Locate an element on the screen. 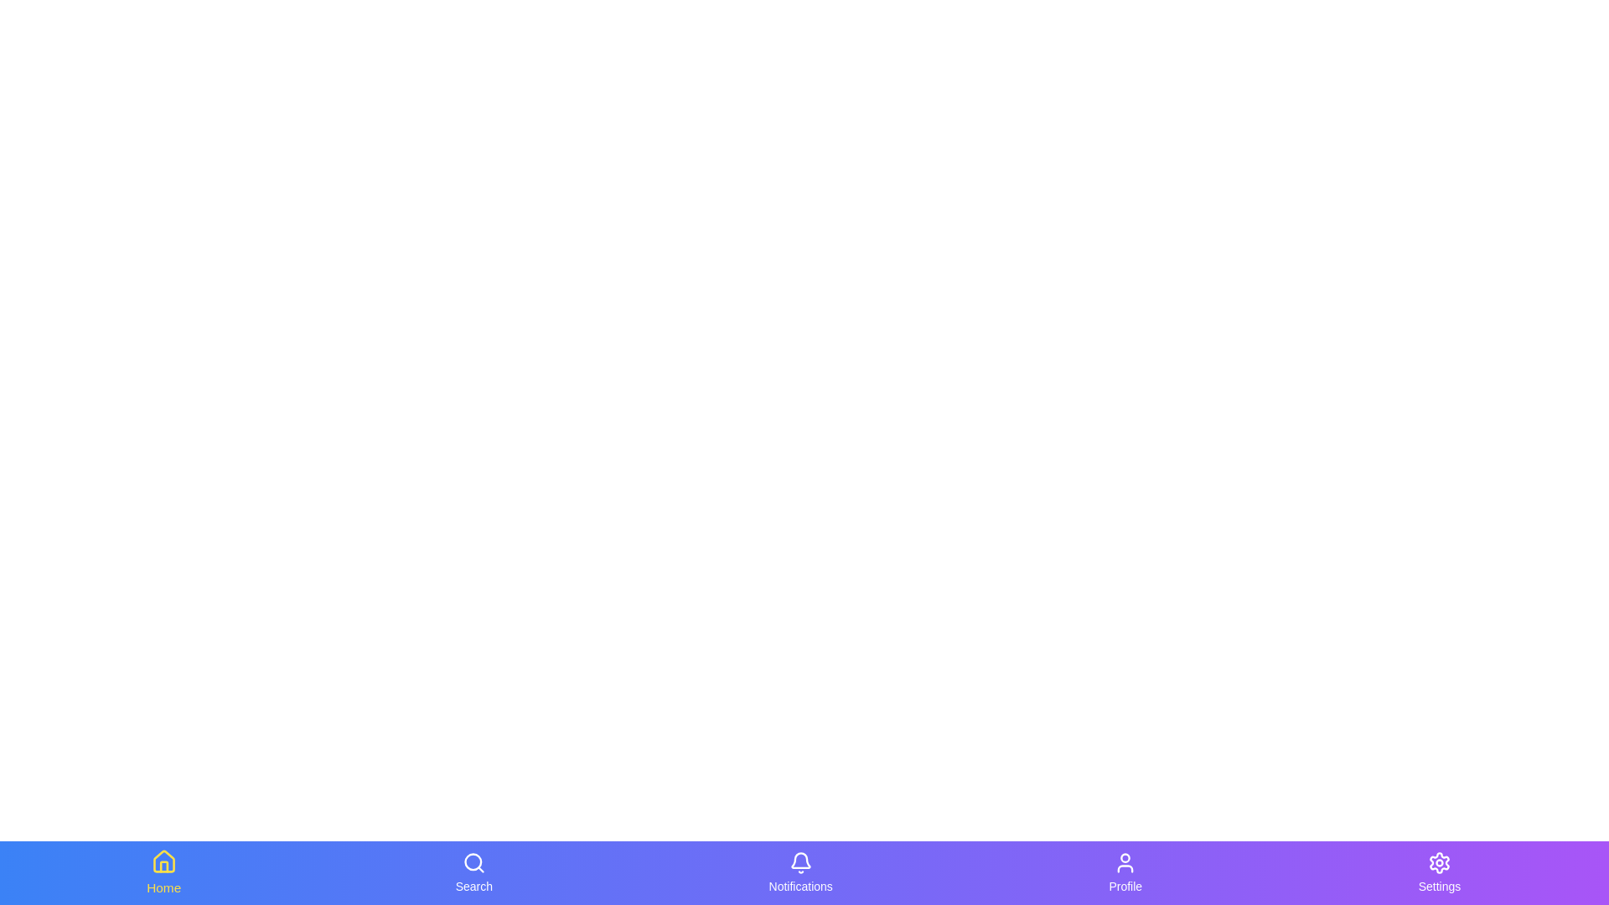  the Search navigation tab is located at coordinates (473, 871).